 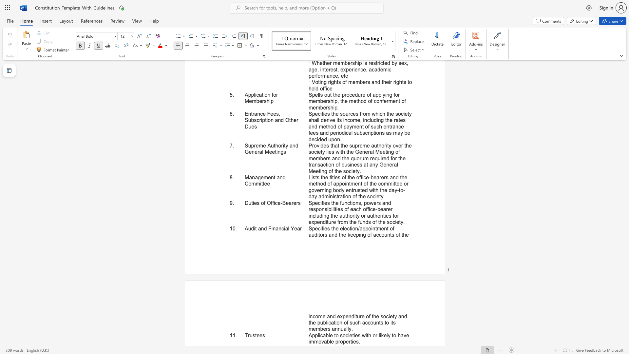 What do you see at coordinates (400, 222) in the screenshot?
I see `the subset text "y." within the text "Specifies the functions, powers and responsibilities of each office-bearer including the authority or authorities for expenditure from the funds of the society."` at bounding box center [400, 222].